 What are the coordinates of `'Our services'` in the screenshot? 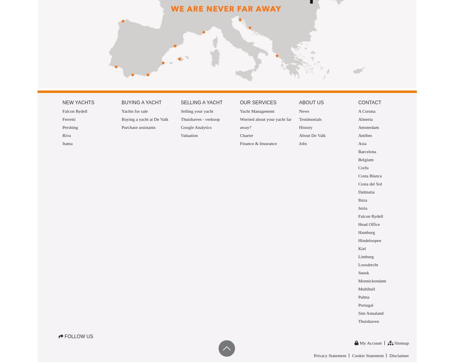 It's located at (258, 103).